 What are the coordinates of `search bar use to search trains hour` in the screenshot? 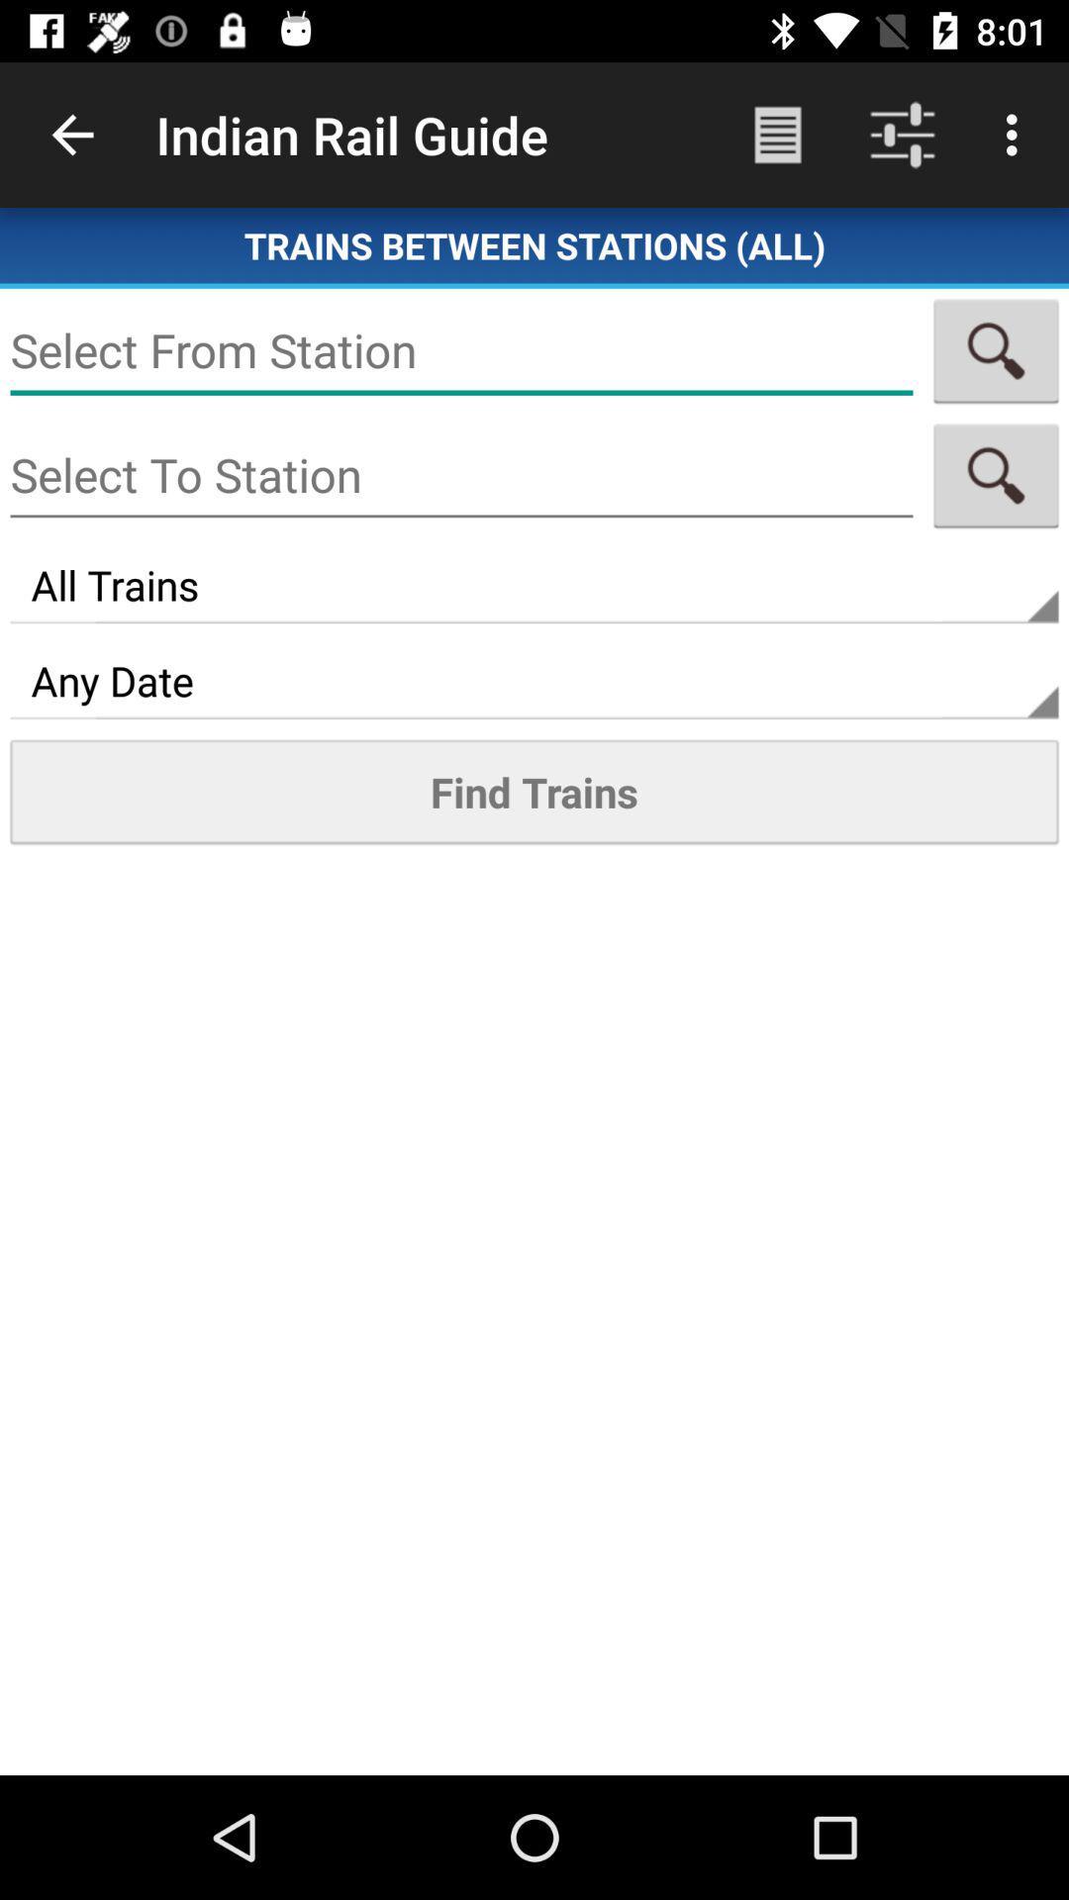 It's located at (996, 350).